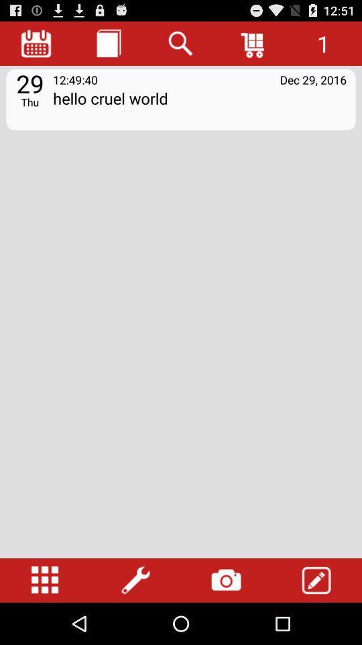 This screenshot has height=645, width=362. What do you see at coordinates (253, 43) in the screenshot?
I see `your cart` at bounding box center [253, 43].